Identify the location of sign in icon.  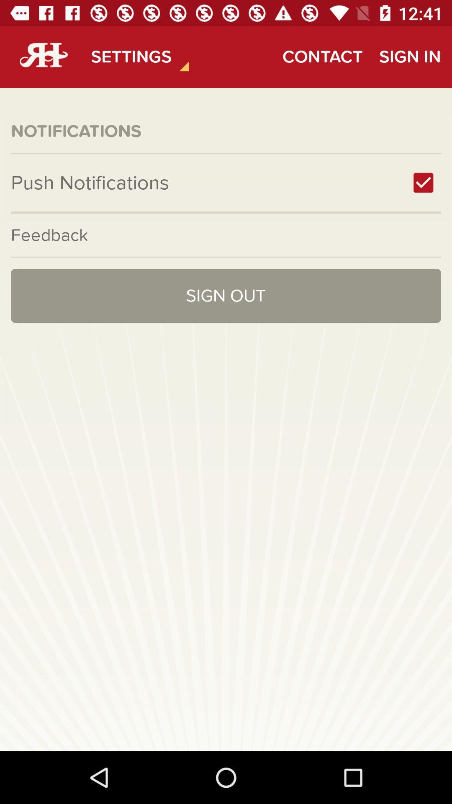
(409, 57).